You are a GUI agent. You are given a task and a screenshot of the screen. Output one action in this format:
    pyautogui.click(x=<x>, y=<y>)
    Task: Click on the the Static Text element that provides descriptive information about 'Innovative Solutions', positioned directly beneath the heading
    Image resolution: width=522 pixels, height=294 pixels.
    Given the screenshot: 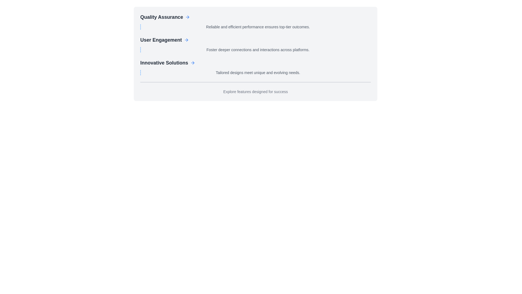 What is the action you would take?
    pyautogui.click(x=255, y=72)
    